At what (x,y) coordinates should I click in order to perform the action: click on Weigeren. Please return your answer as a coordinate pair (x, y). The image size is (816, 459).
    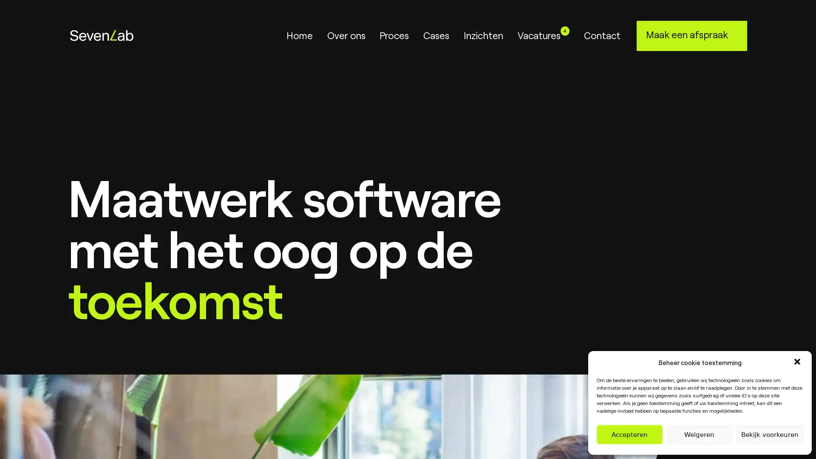
    Looking at the image, I should click on (699, 434).